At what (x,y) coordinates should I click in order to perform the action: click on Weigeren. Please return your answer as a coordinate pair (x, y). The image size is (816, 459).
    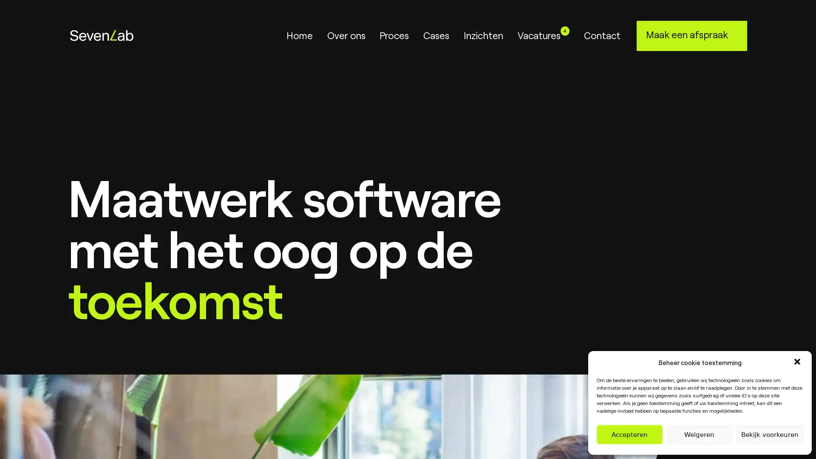
    Looking at the image, I should click on (699, 434).